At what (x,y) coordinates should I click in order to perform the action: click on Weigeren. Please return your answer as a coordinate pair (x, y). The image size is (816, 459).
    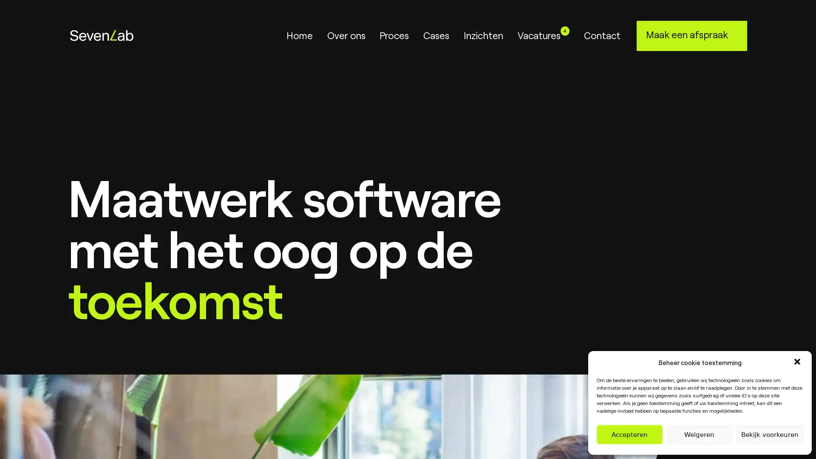
    Looking at the image, I should click on (699, 434).